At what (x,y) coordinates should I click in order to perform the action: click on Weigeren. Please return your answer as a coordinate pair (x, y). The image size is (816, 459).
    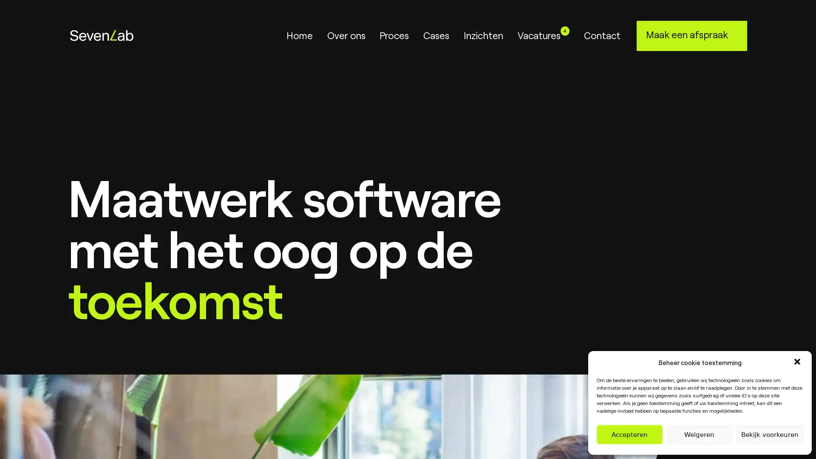
    Looking at the image, I should click on (699, 434).